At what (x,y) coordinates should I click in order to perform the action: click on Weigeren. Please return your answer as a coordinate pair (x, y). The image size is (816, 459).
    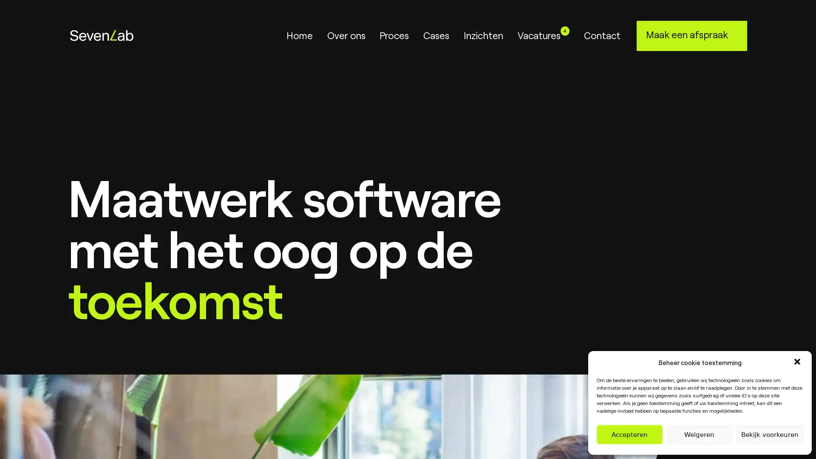
    Looking at the image, I should click on (699, 434).